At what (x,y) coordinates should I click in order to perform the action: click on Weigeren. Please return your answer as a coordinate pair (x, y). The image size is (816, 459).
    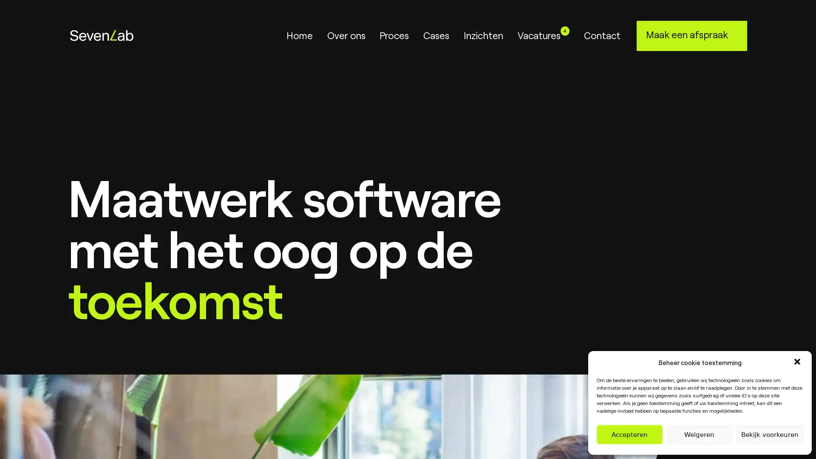
    Looking at the image, I should click on (699, 434).